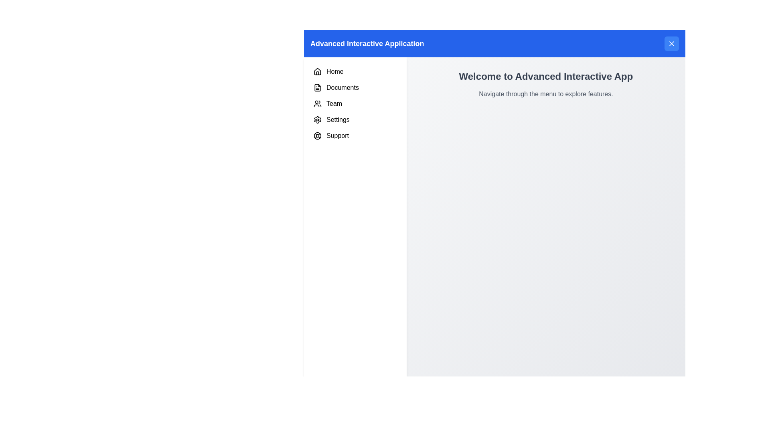  What do you see at coordinates (317, 120) in the screenshot?
I see `the Settings icon located in the fourth position of the vertical menu on the left` at bounding box center [317, 120].